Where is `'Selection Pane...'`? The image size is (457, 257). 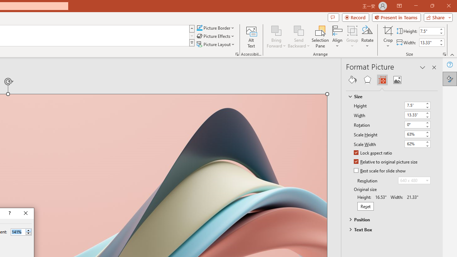
'Selection Pane...' is located at coordinates (320, 37).